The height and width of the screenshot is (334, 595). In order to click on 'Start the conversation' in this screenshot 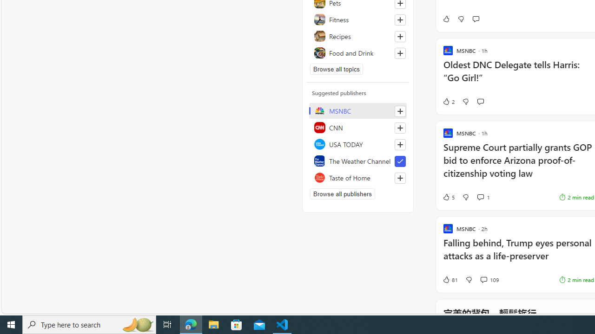, I will do `click(480, 102)`.